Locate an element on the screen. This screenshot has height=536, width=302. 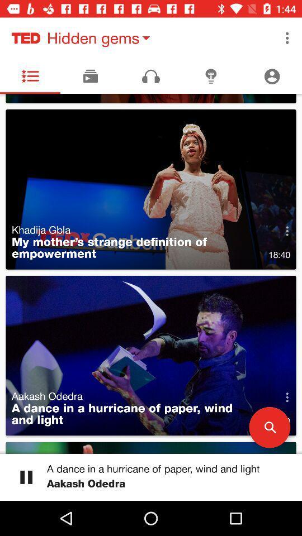
the search icon is located at coordinates (269, 427).